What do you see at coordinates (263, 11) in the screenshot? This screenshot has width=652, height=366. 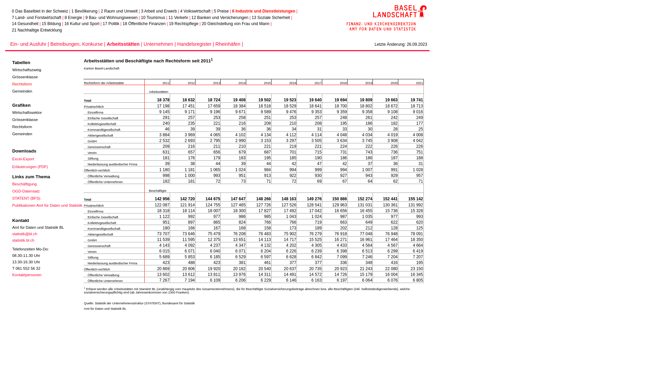 I see `'6 Industrie und Dienstleistungen'` at bounding box center [263, 11].